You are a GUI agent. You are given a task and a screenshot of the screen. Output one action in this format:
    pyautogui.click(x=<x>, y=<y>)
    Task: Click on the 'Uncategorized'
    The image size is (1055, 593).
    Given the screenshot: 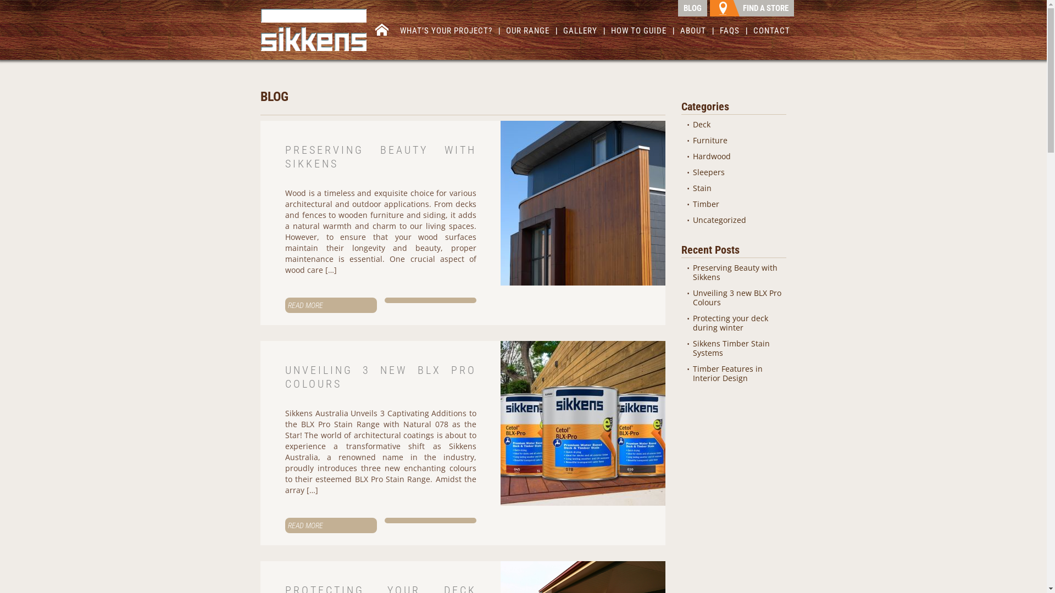 What is the action you would take?
    pyautogui.click(x=692, y=220)
    